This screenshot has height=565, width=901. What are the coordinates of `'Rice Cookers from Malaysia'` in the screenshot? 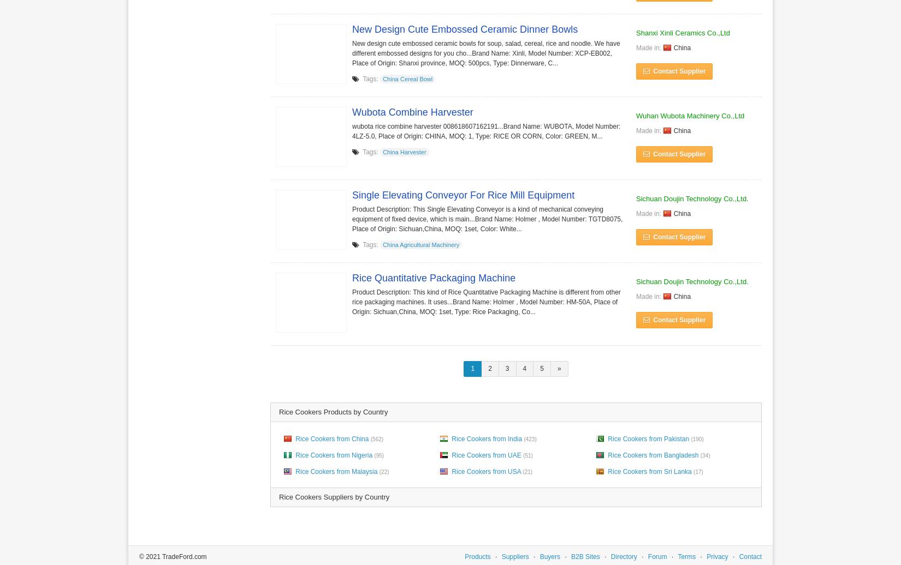 It's located at (335, 471).